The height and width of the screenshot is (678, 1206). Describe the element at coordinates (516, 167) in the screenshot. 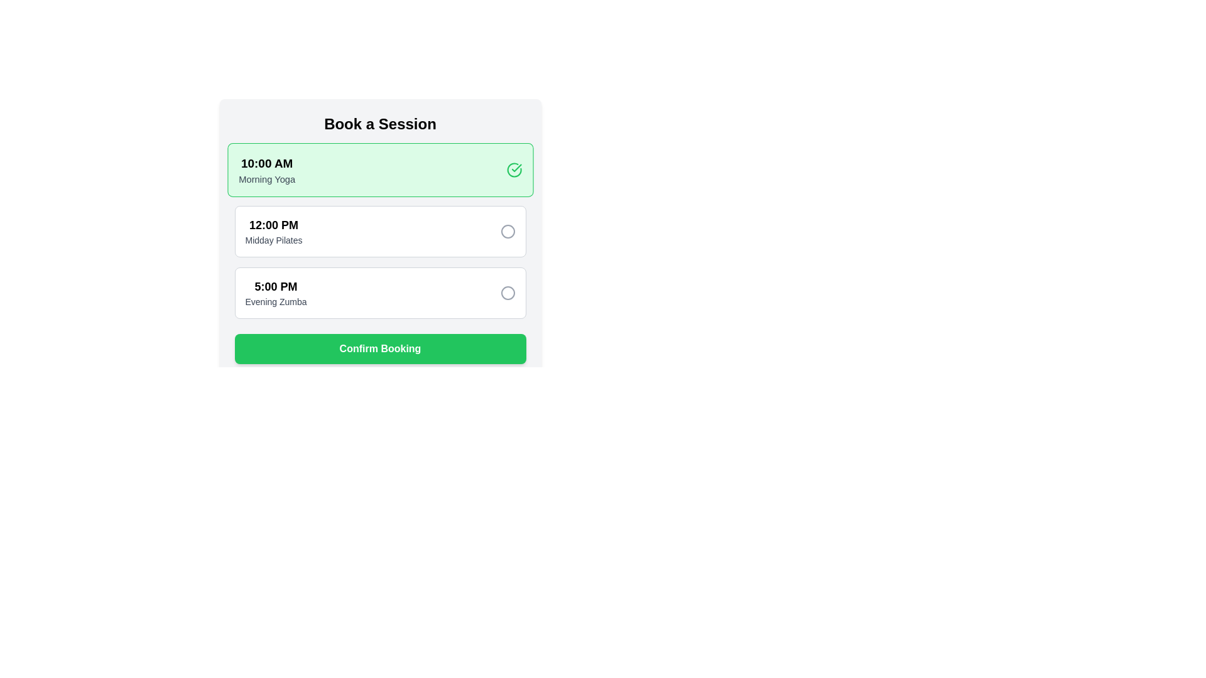

I see `the checkmark icon styled as a simple line icon with a green stroke, located in the top-left corner of the interface within the '10:00 AM Morning Yoga' session box, positioned towards the right side of the box's header area` at that location.